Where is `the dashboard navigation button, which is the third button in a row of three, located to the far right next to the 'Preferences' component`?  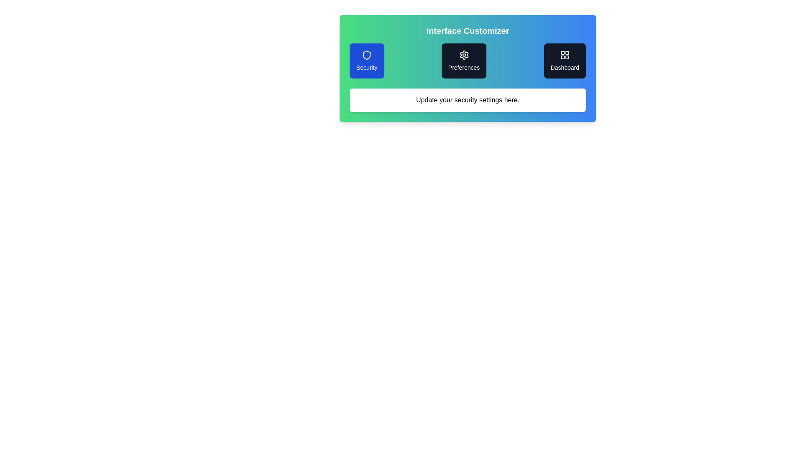 the dashboard navigation button, which is the third button in a row of three, located to the far right next to the 'Preferences' component is located at coordinates (565, 61).